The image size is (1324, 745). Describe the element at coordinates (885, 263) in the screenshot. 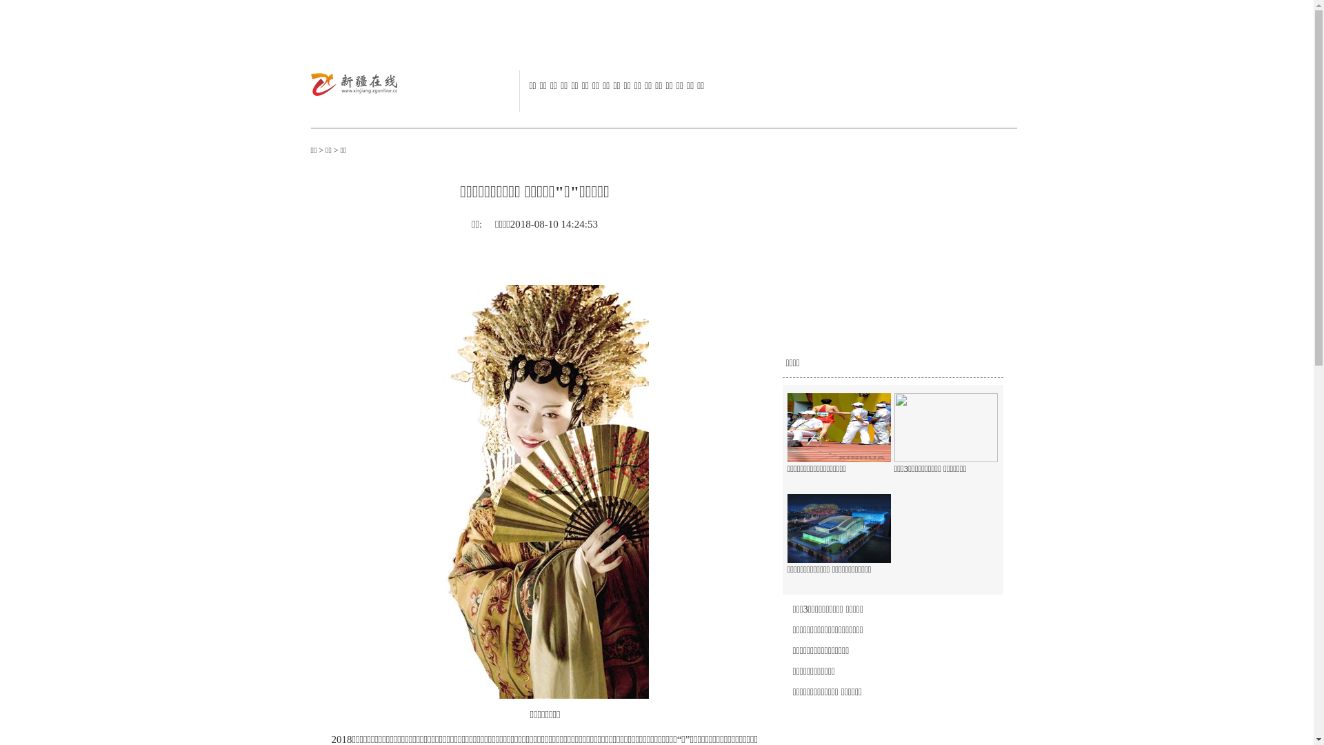

I see `'Advertisement'` at that location.